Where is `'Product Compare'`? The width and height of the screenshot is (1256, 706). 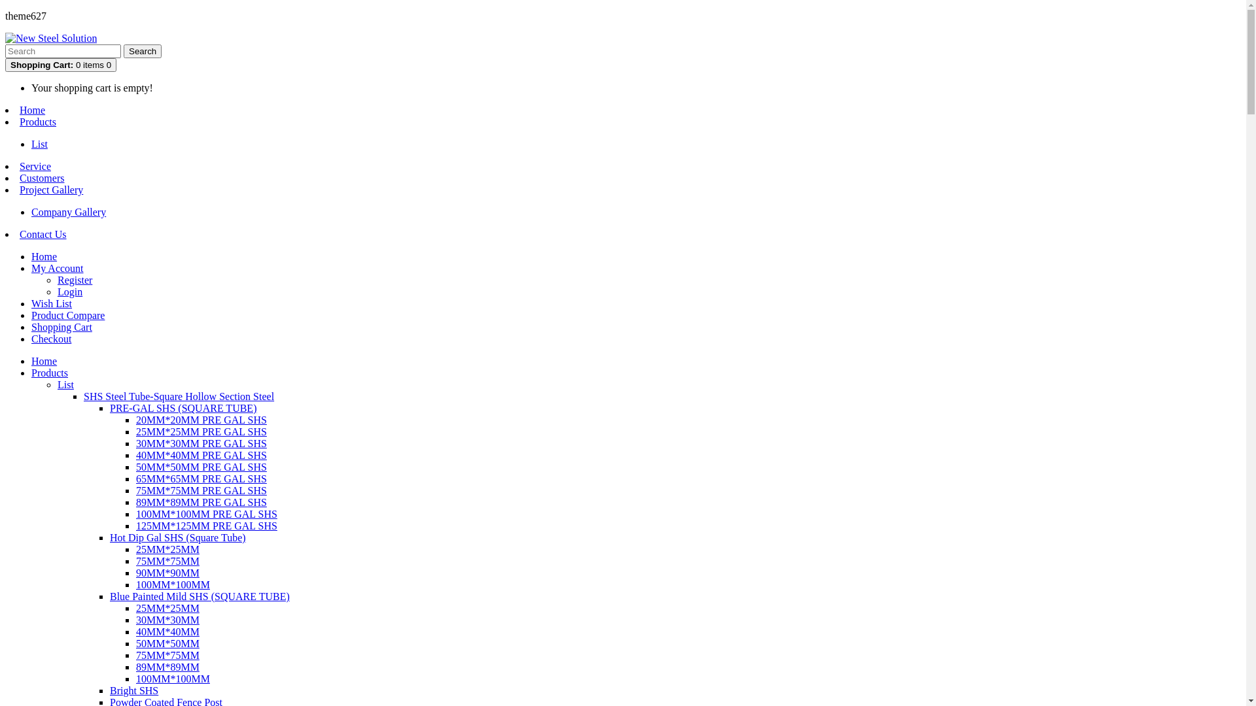
'Product Compare' is located at coordinates (67, 315).